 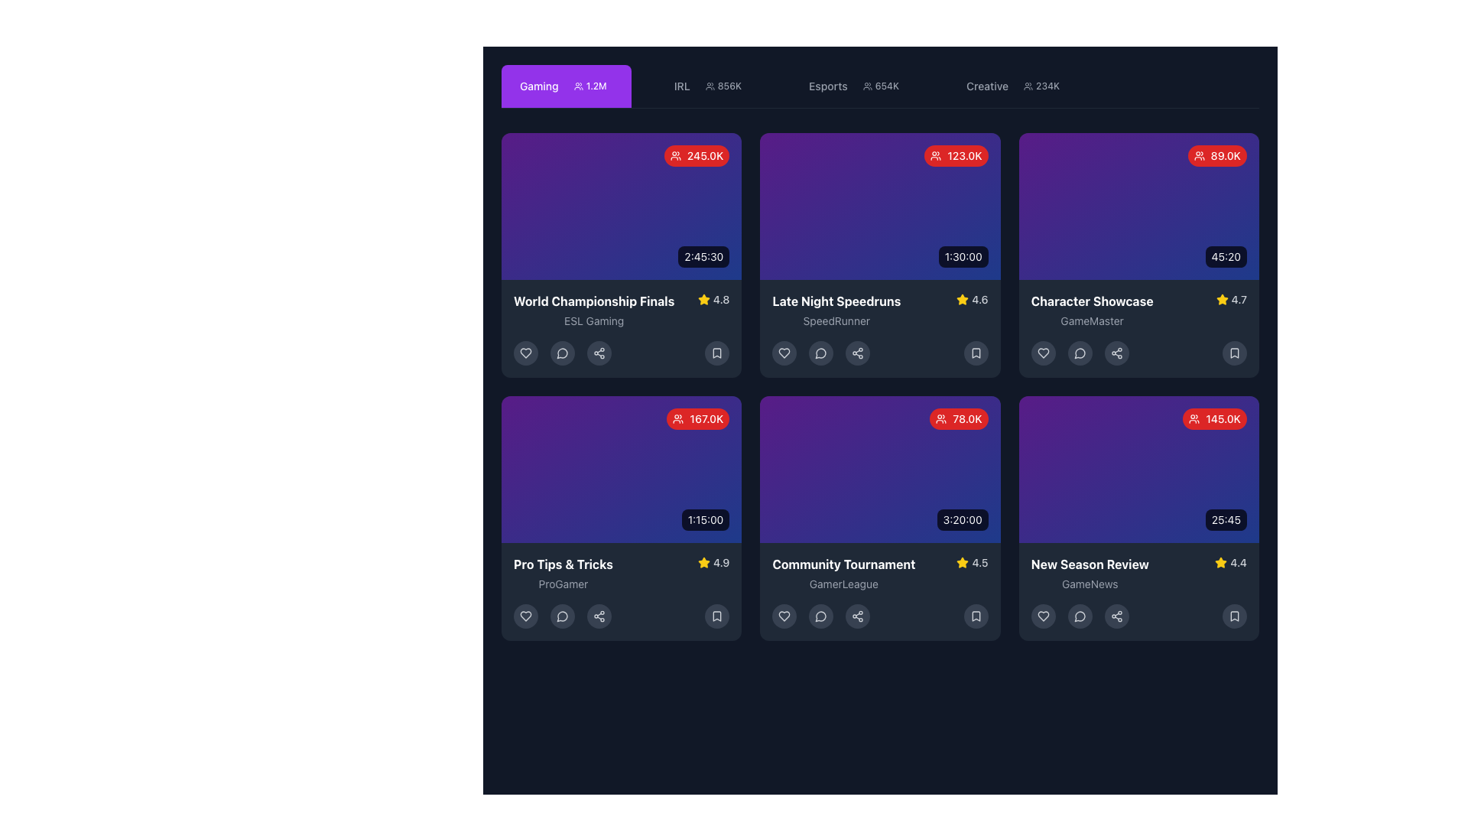 What do you see at coordinates (827, 86) in the screenshot?
I see `the 'Esports' text label in the top navigation menu` at bounding box center [827, 86].